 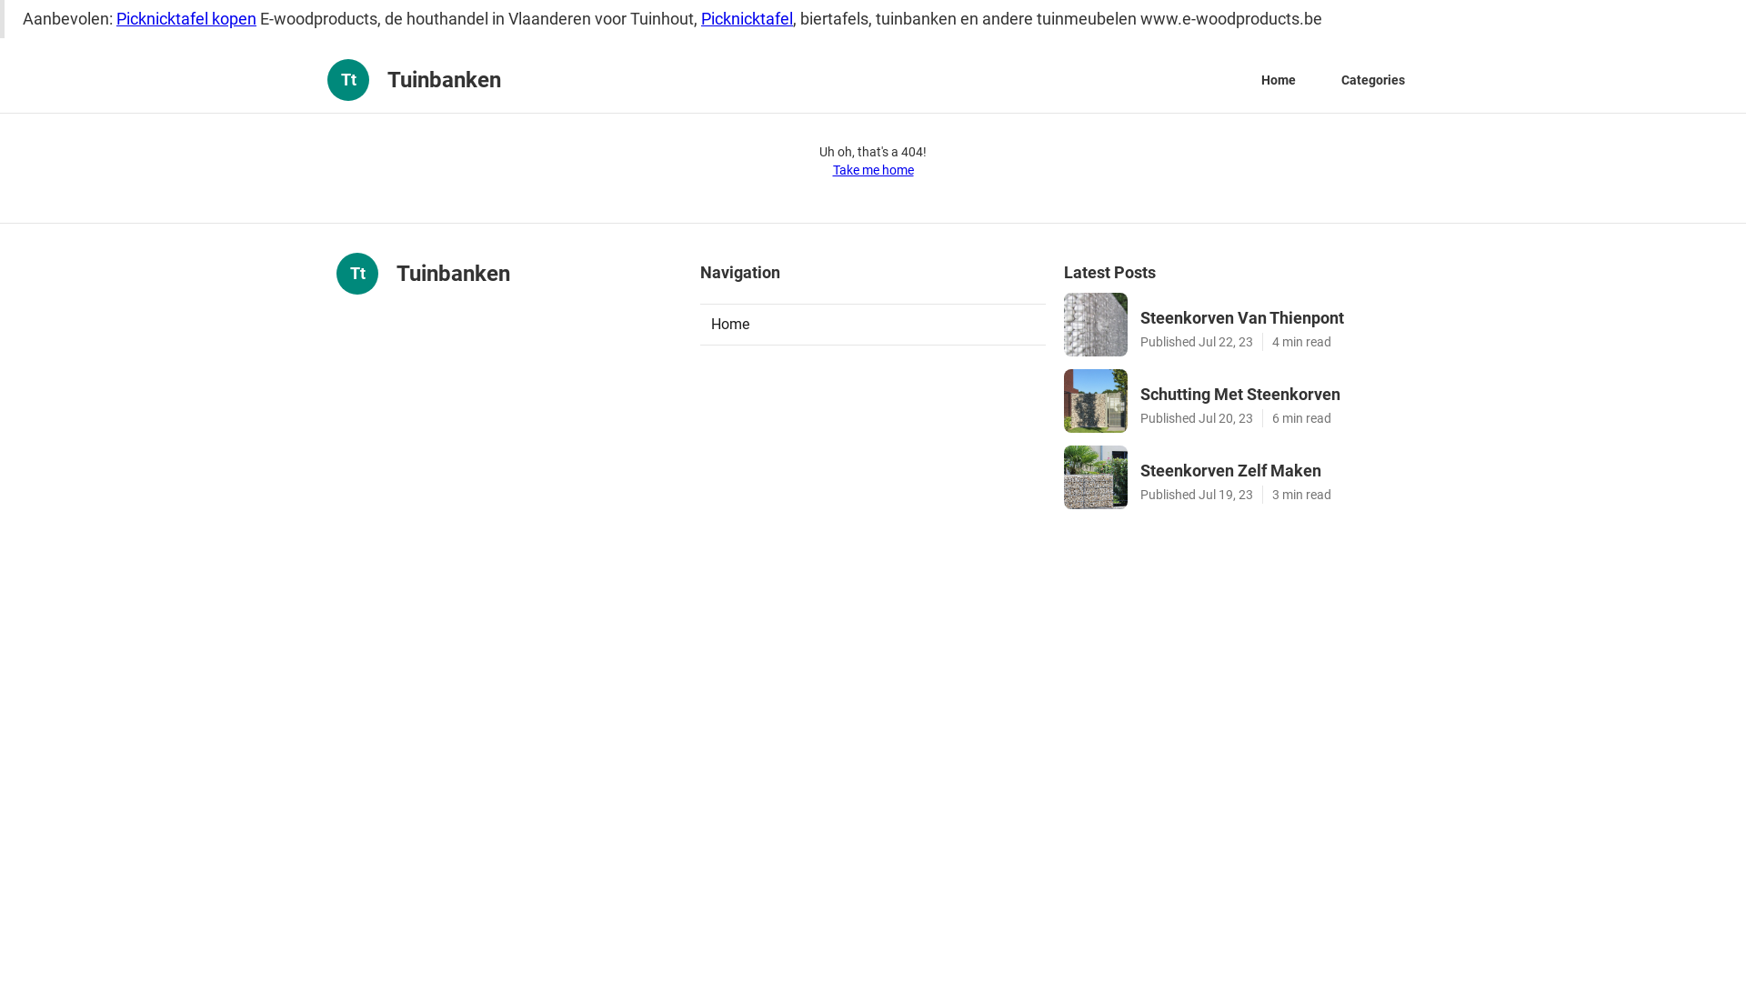 I want to click on 'Schutting Met Steenkorven', so click(x=1273, y=394).